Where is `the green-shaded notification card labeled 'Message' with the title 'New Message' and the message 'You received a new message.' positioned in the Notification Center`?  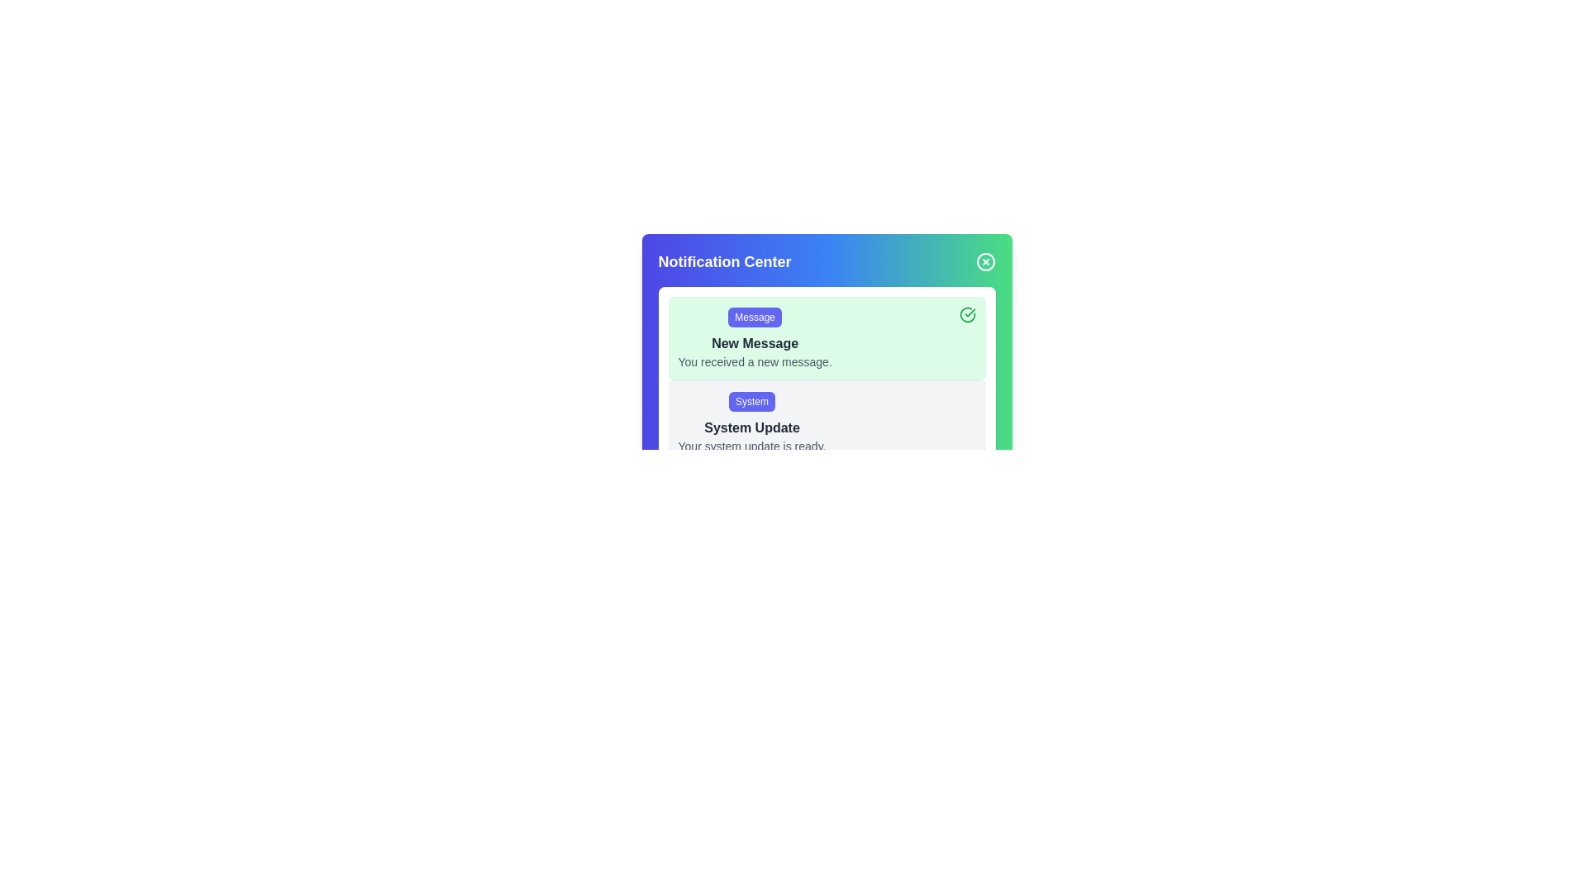 the green-shaded notification card labeled 'Message' with the title 'New Message' and the message 'You received a new message.' positioned in the Notification Center is located at coordinates (827, 337).